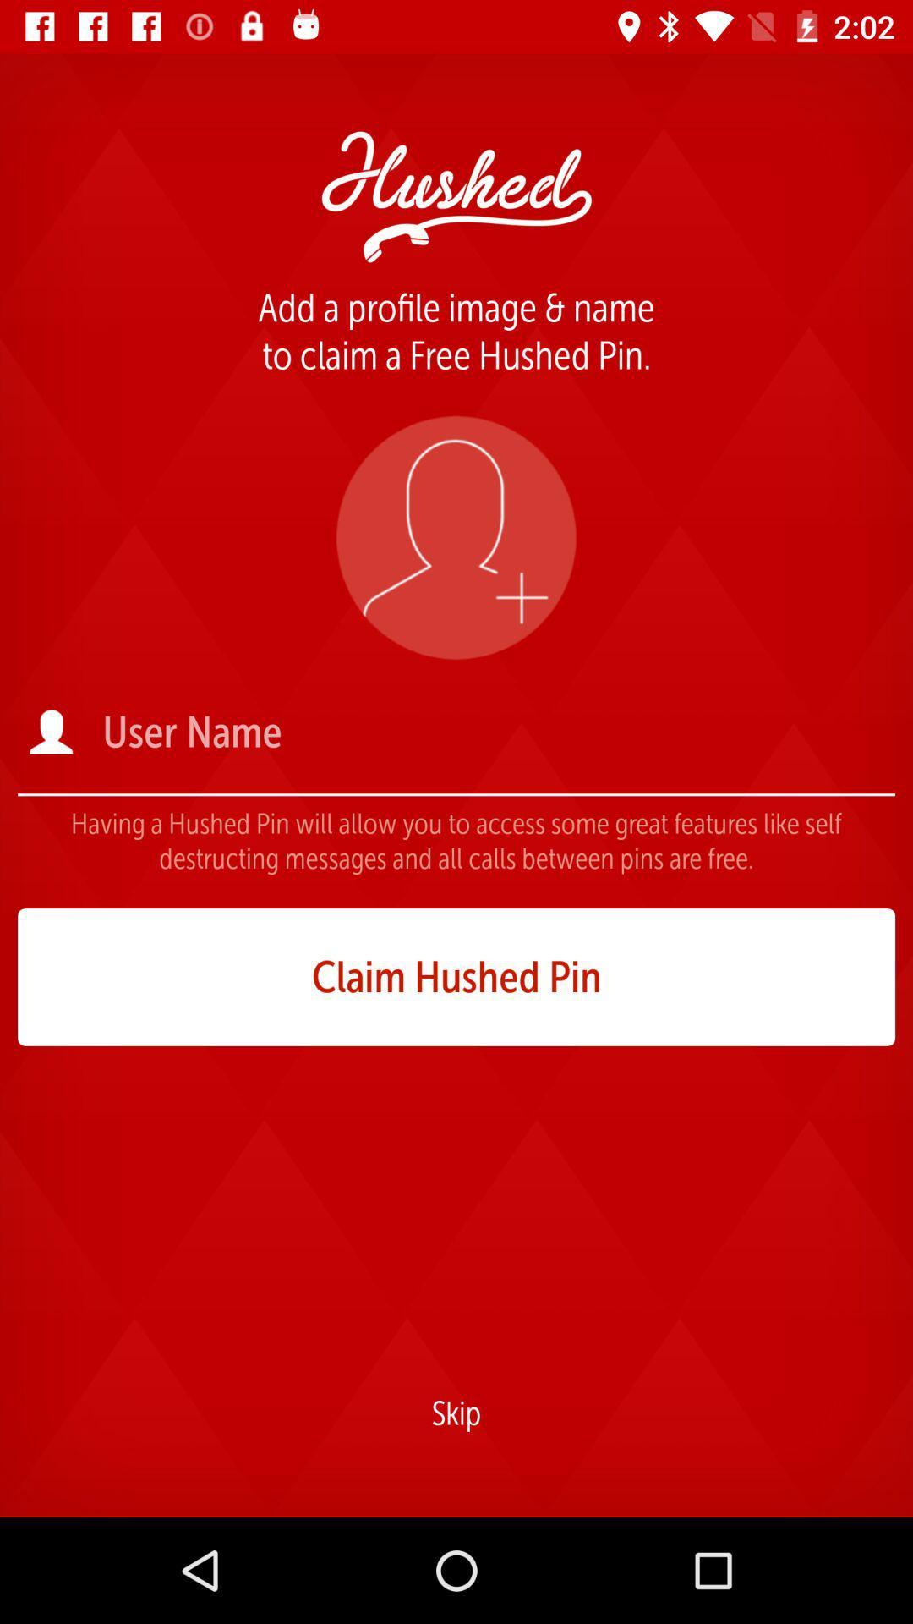 Image resolution: width=913 pixels, height=1624 pixels. I want to click on the contact name, so click(496, 732).